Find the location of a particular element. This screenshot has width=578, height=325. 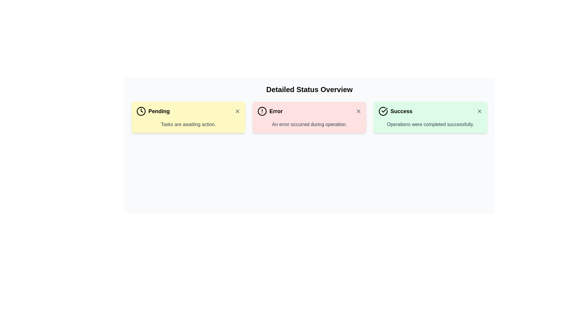

text label indicating the status of the card as 'Pending', which is located within the yellow status card, next to a clock icon is located at coordinates (159, 111).